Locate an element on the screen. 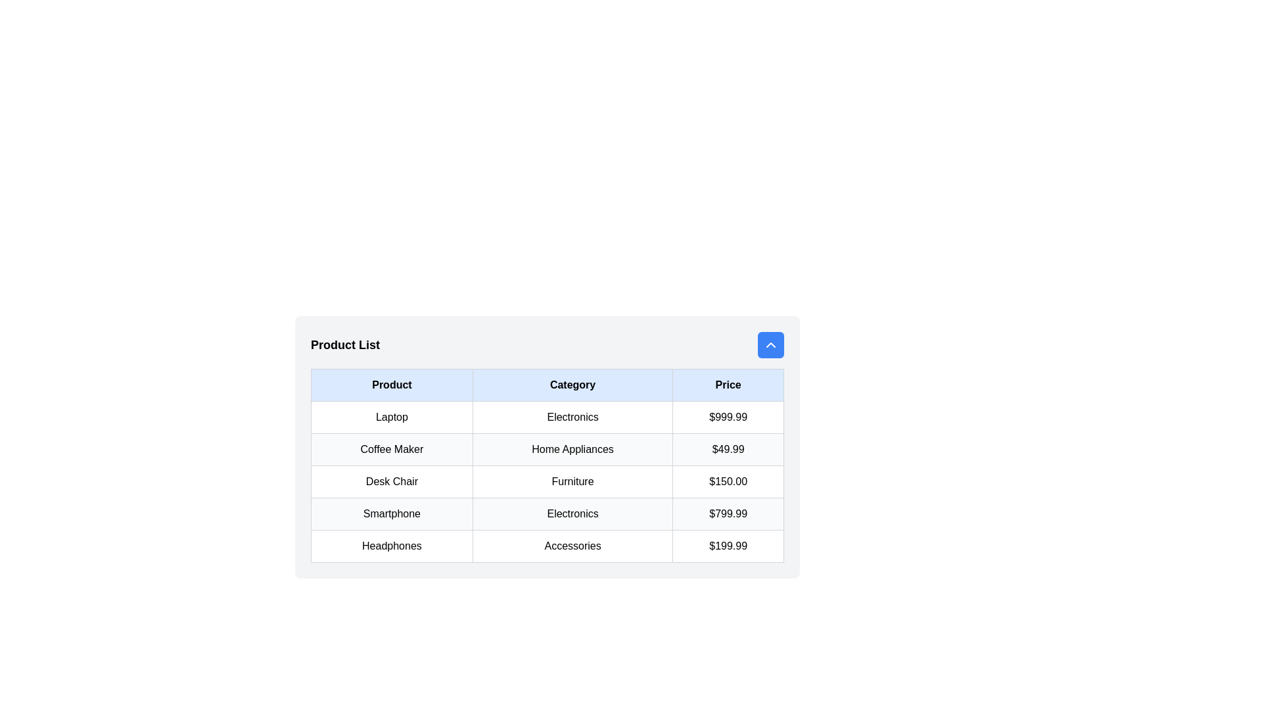  the static text label displaying 'Laptop', which is the first cell in the first data row of the table, immediately below the header row and aligned with the column labeled 'Product' is located at coordinates (391, 417).